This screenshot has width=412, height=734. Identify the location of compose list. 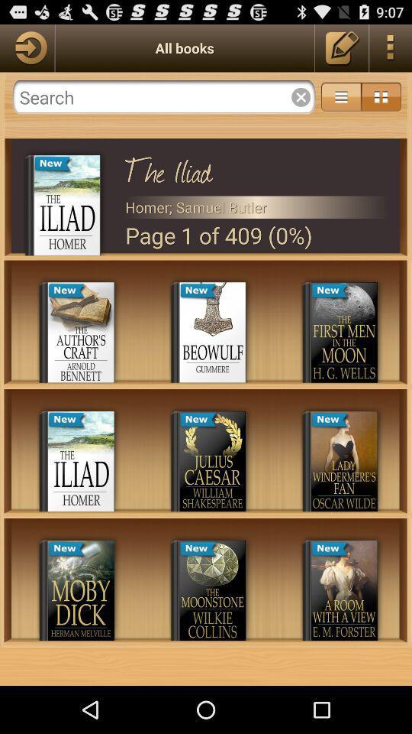
(342, 47).